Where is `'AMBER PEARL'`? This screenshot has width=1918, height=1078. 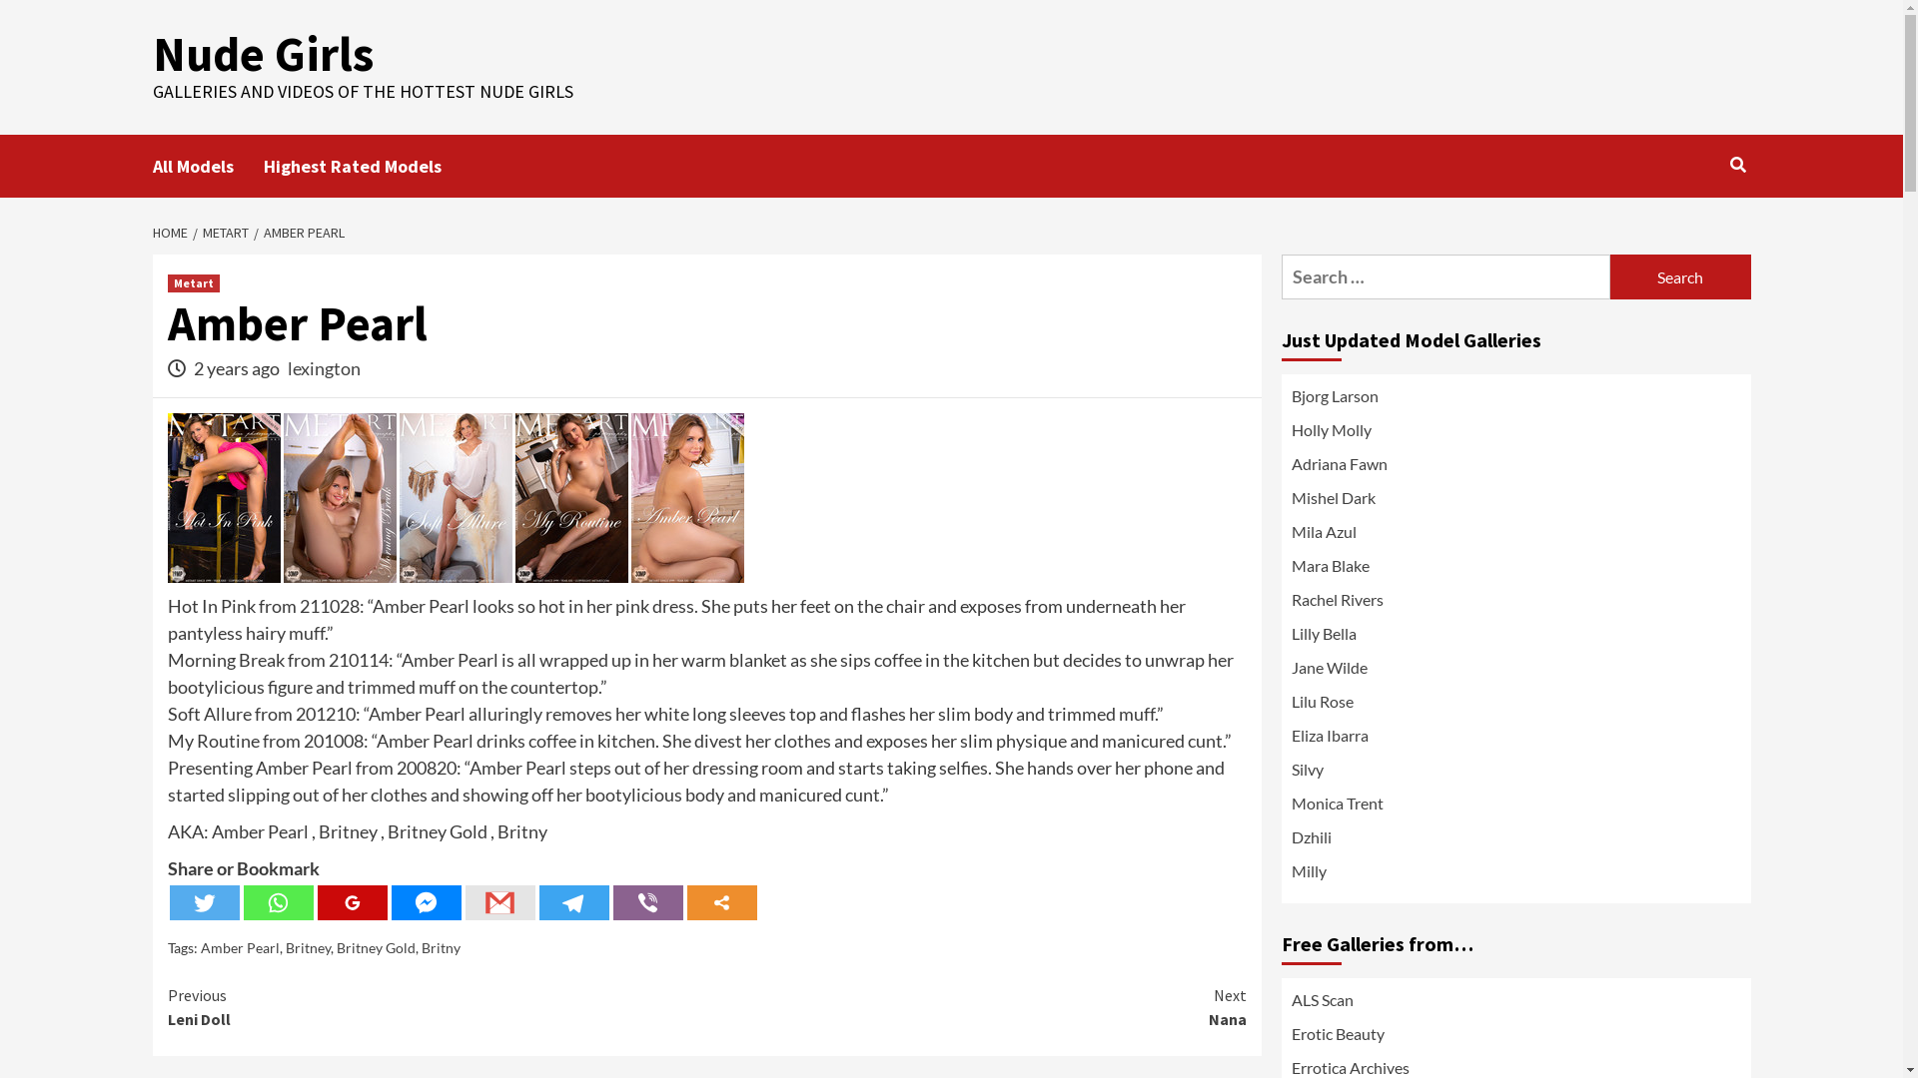 'AMBER PEARL' is located at coordinates (253, 231).